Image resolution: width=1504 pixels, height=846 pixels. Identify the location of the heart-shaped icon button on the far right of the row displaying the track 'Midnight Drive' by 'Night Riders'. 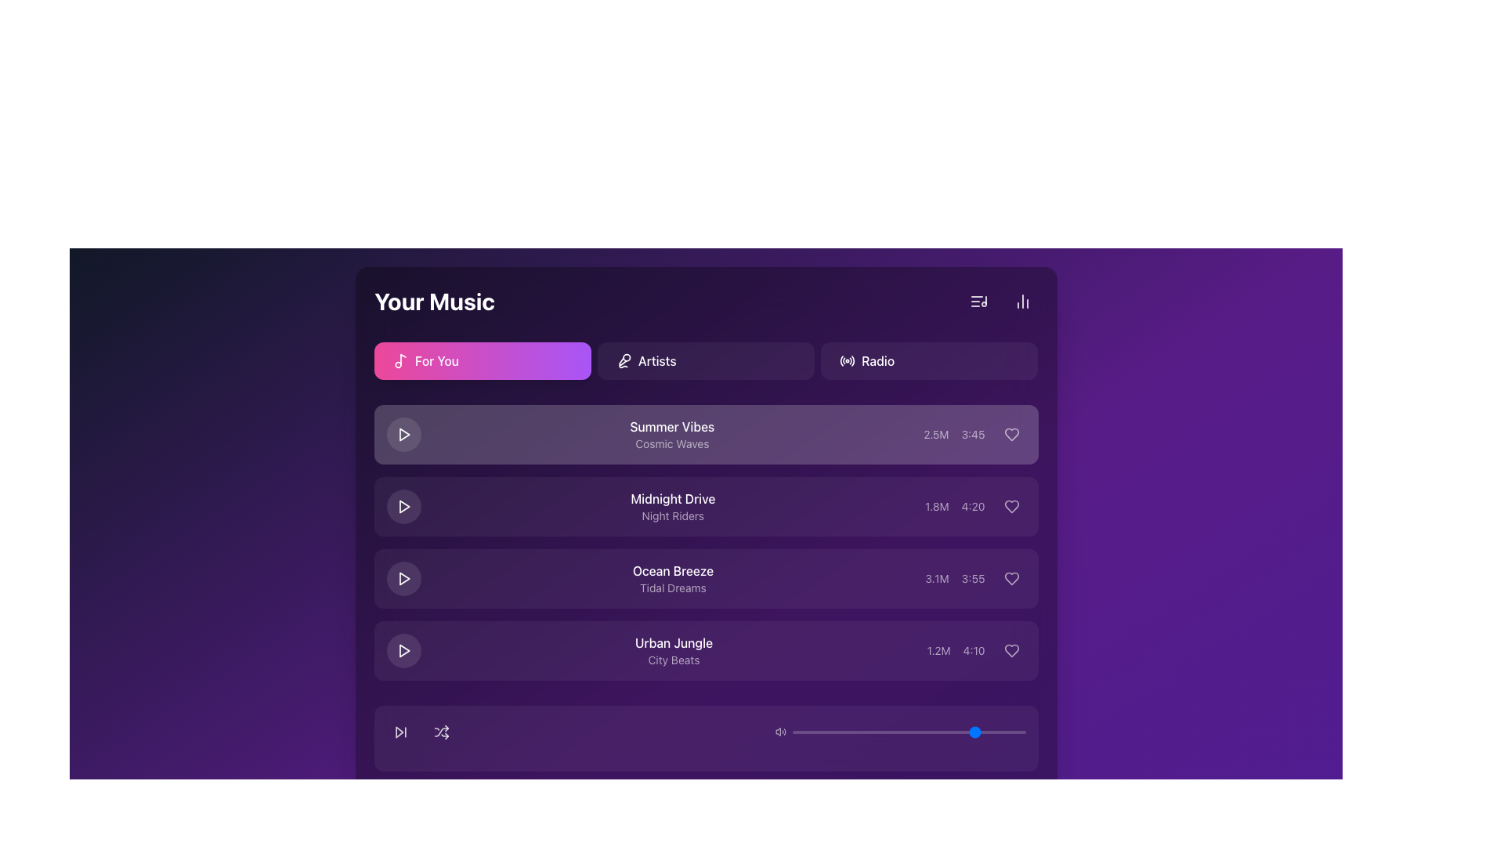
(1011, 507).